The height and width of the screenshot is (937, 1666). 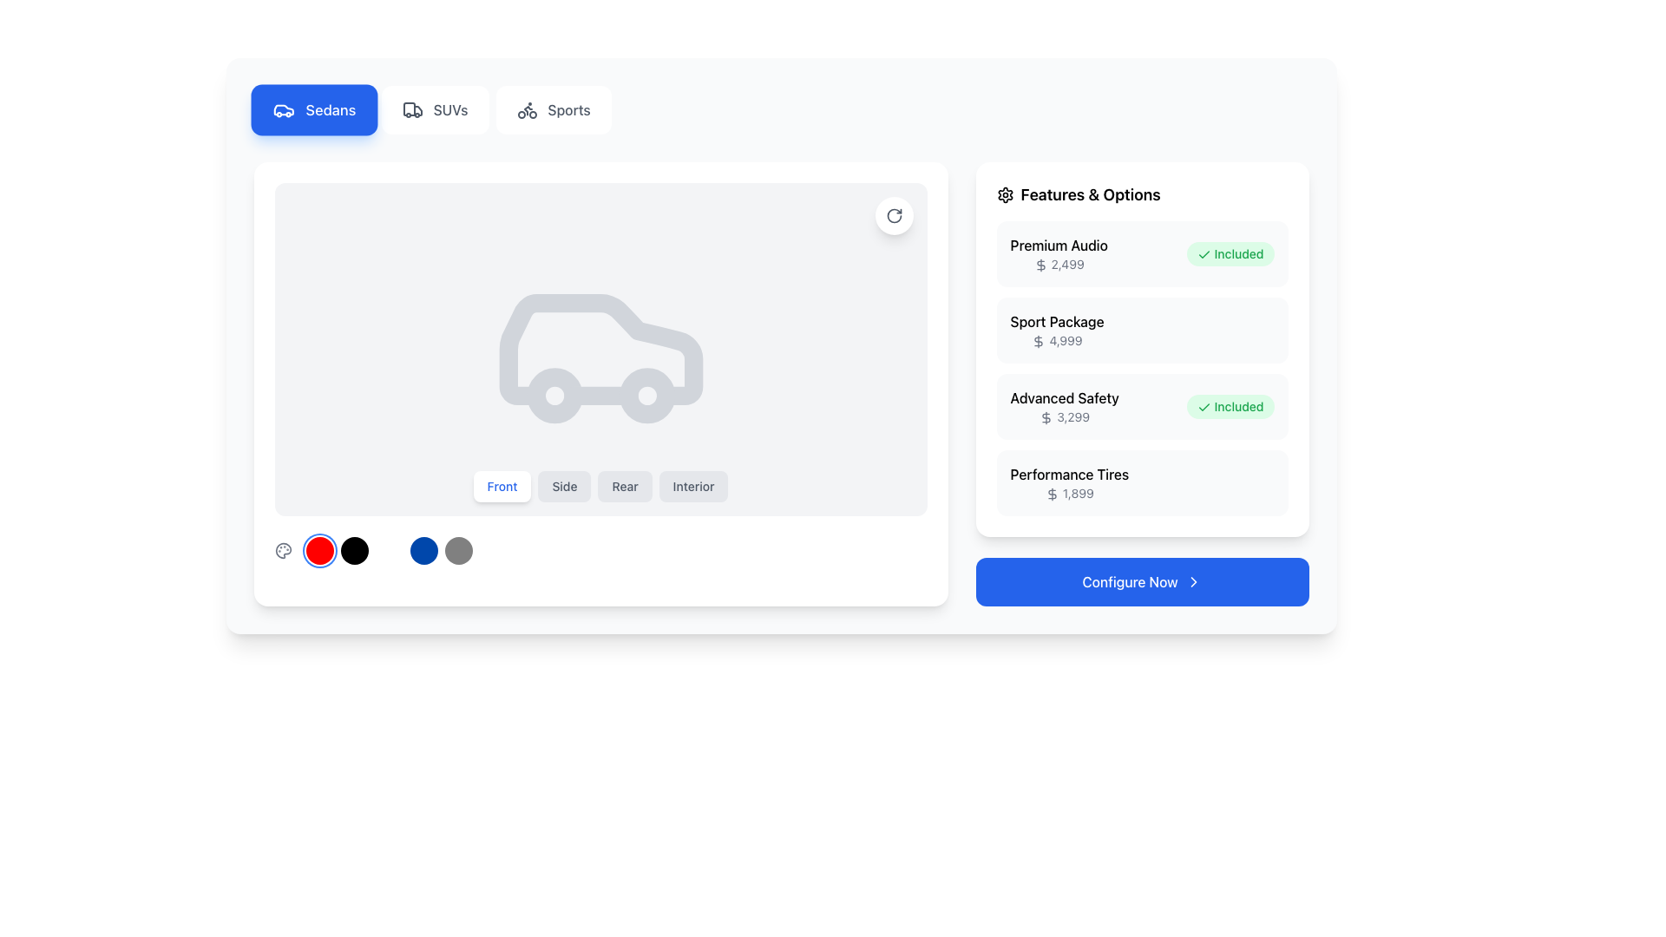 I want to click on the Text display element indicating the price for the 'Advanced Safety' feature located in the 'Features & Options' section, so click(x=1064, y=417).